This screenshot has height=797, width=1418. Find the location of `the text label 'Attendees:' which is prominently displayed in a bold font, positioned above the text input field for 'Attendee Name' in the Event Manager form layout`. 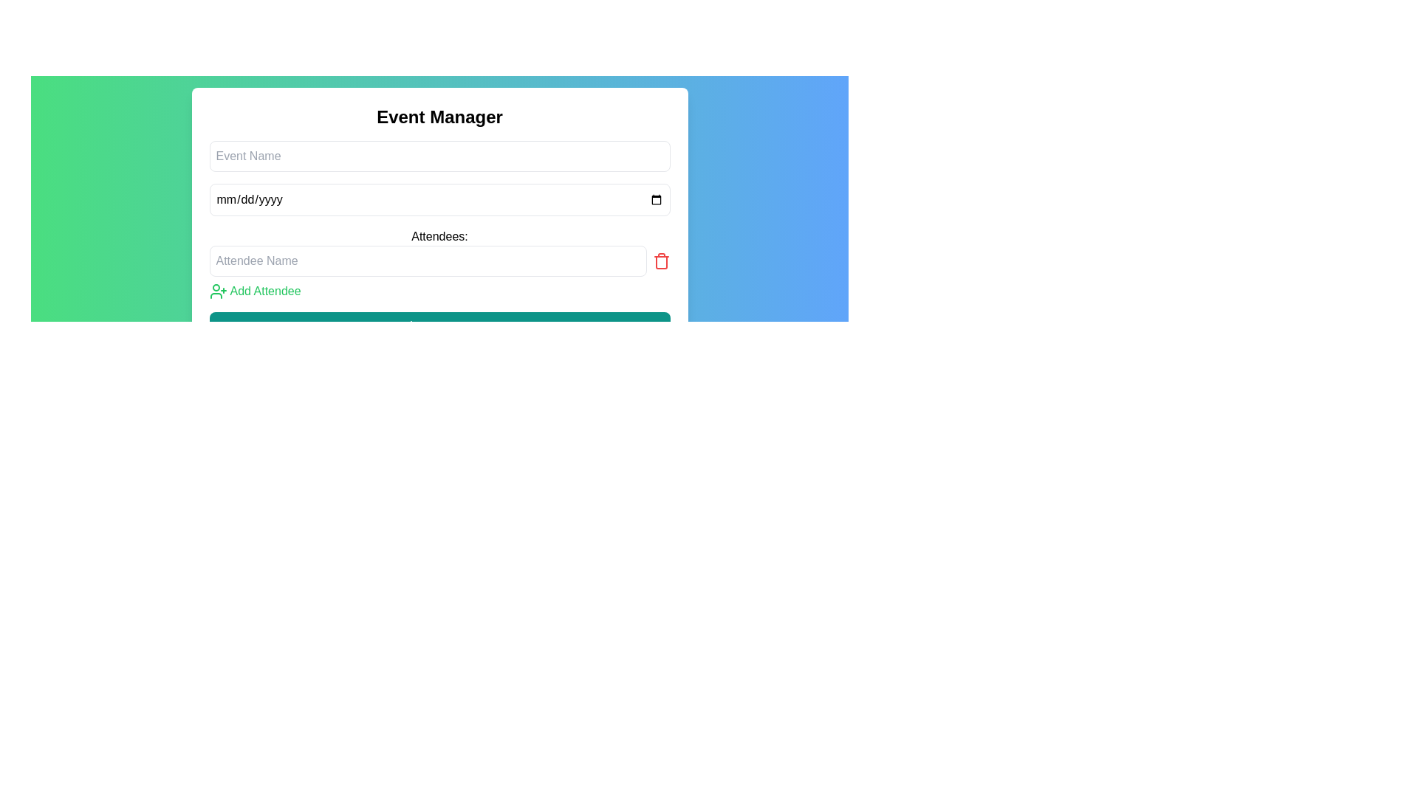

the text label 'Attendees:' which is prominently displayed in a bold font, positioned above the text input field for 'Attendee Name' in the Event Manager form layout is located at coordinates (439, 241).